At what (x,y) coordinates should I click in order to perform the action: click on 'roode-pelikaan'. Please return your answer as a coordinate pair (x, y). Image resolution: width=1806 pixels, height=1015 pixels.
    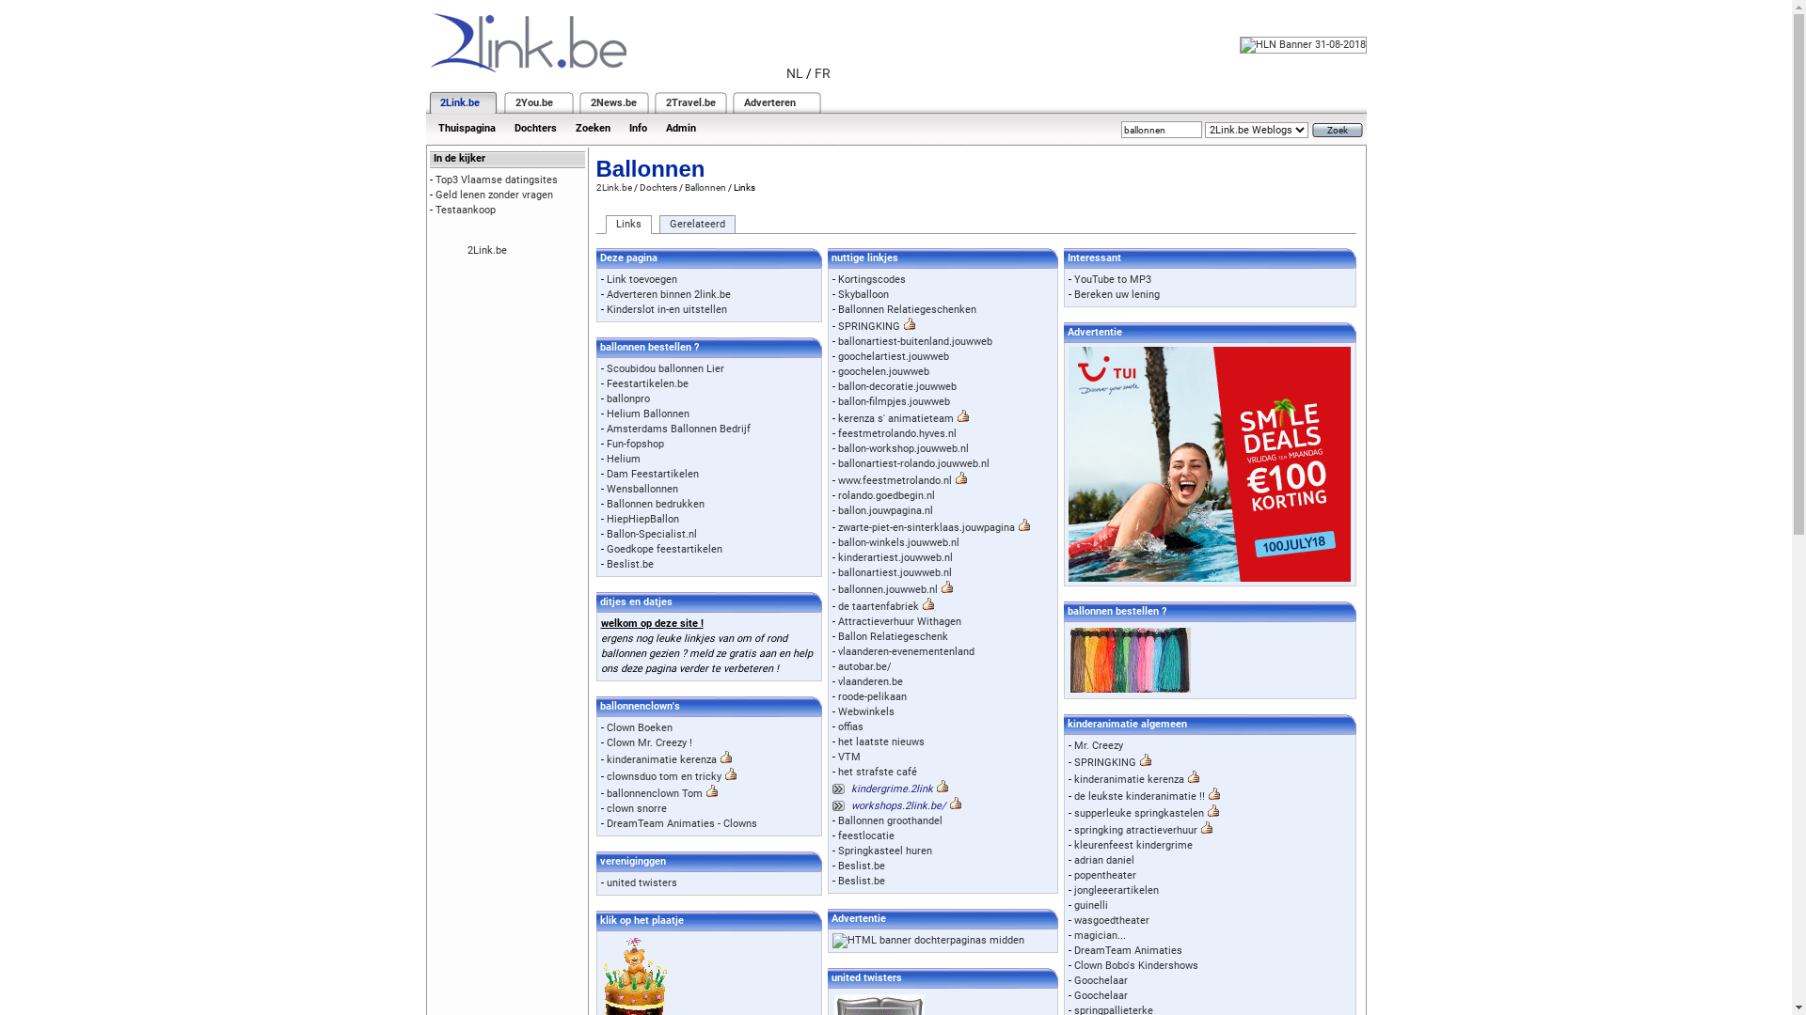
    Looking at the image, I should click on (871, 696).